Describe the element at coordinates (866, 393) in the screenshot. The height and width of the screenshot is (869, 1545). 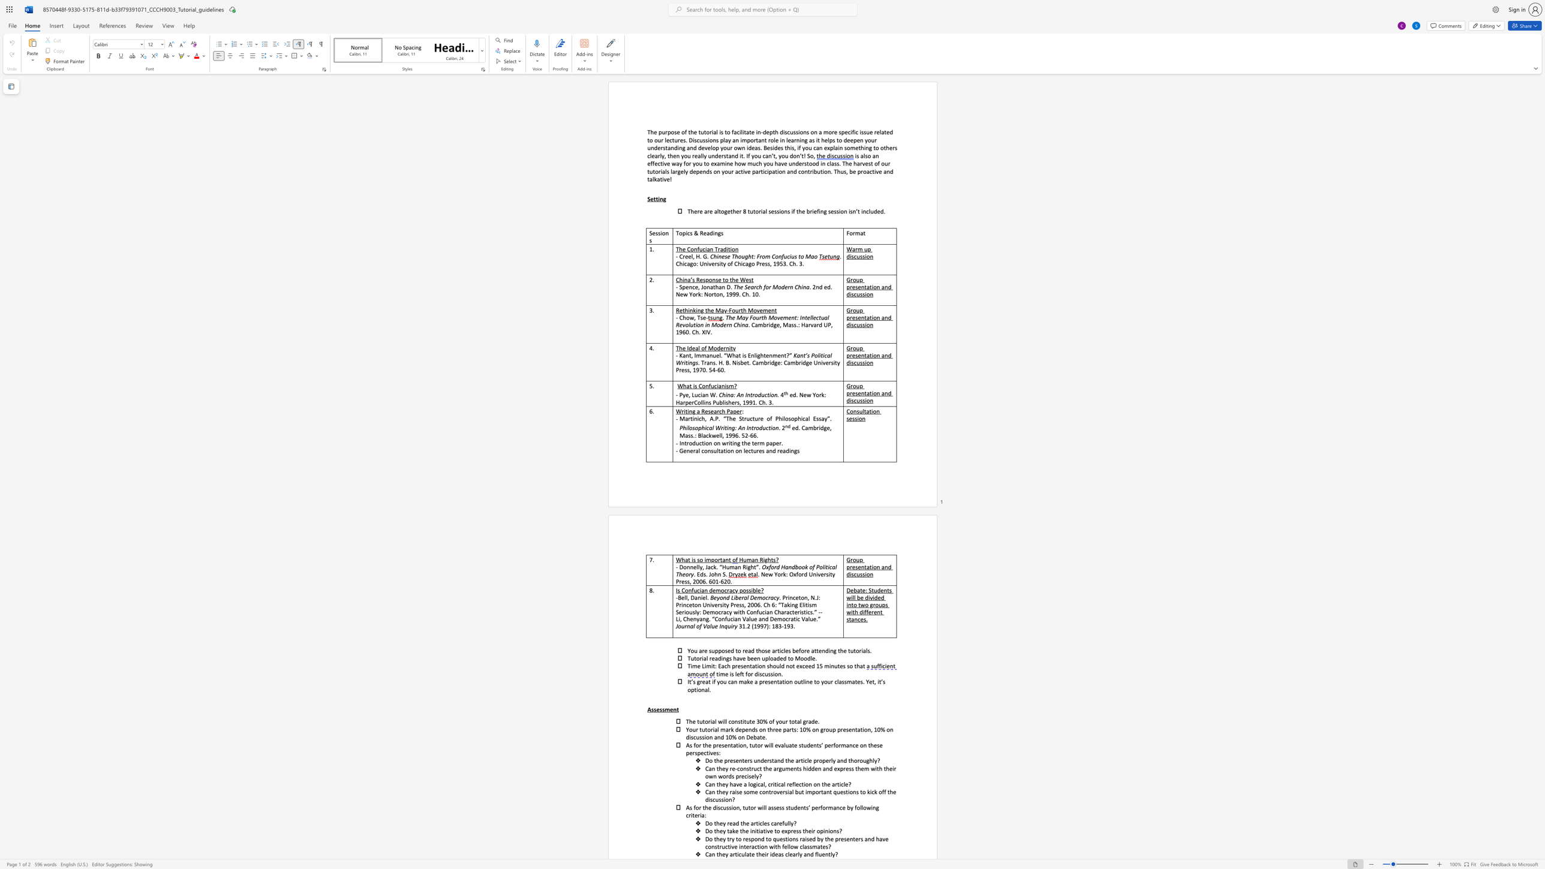
I see `the subset text "ation an" within the text "Group presentation and discussion"` at that location.